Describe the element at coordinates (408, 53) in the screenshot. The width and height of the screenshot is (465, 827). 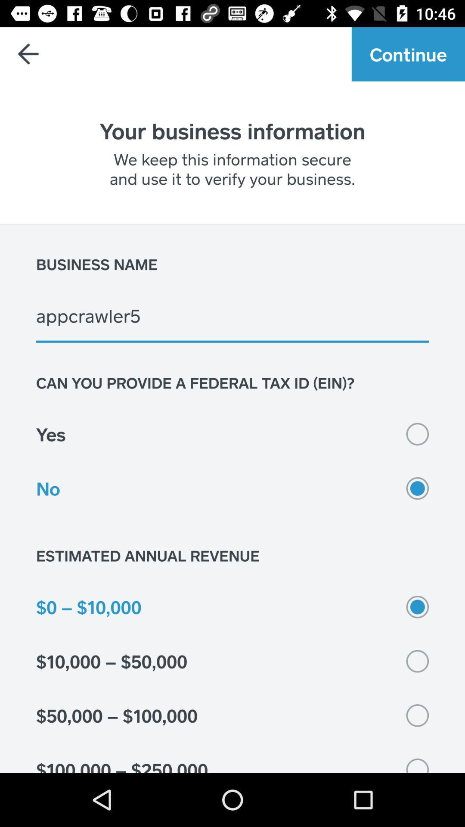
I see `the continue at the top right corner` at that location.